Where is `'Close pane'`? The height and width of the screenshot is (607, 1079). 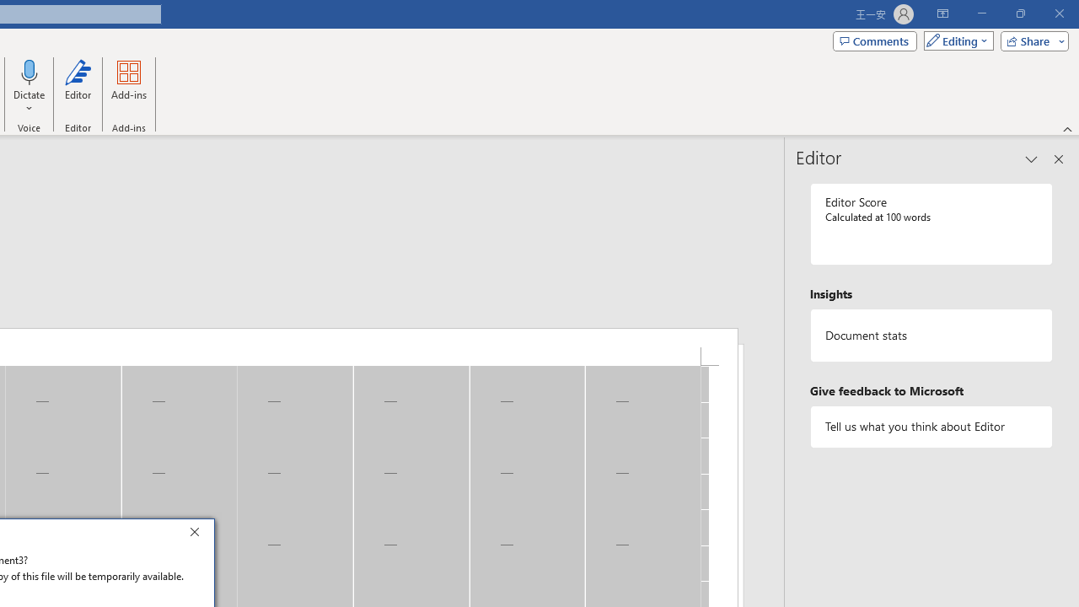 'Close pane' is located at coordinates (1058, 159).